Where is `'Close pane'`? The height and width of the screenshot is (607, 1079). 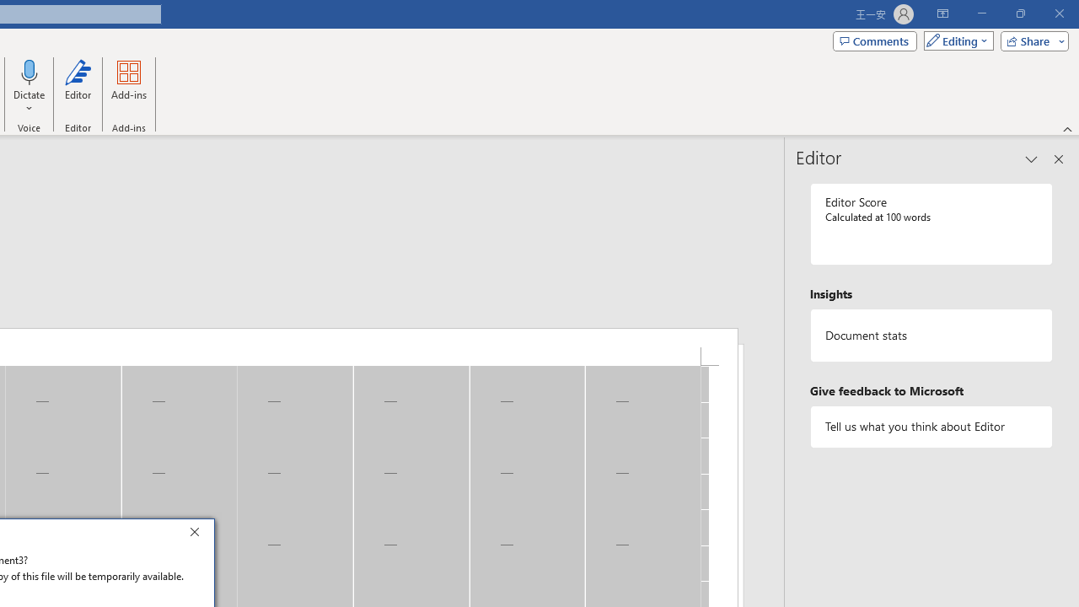 'Close pane' is located at coordinates (1058, 159).